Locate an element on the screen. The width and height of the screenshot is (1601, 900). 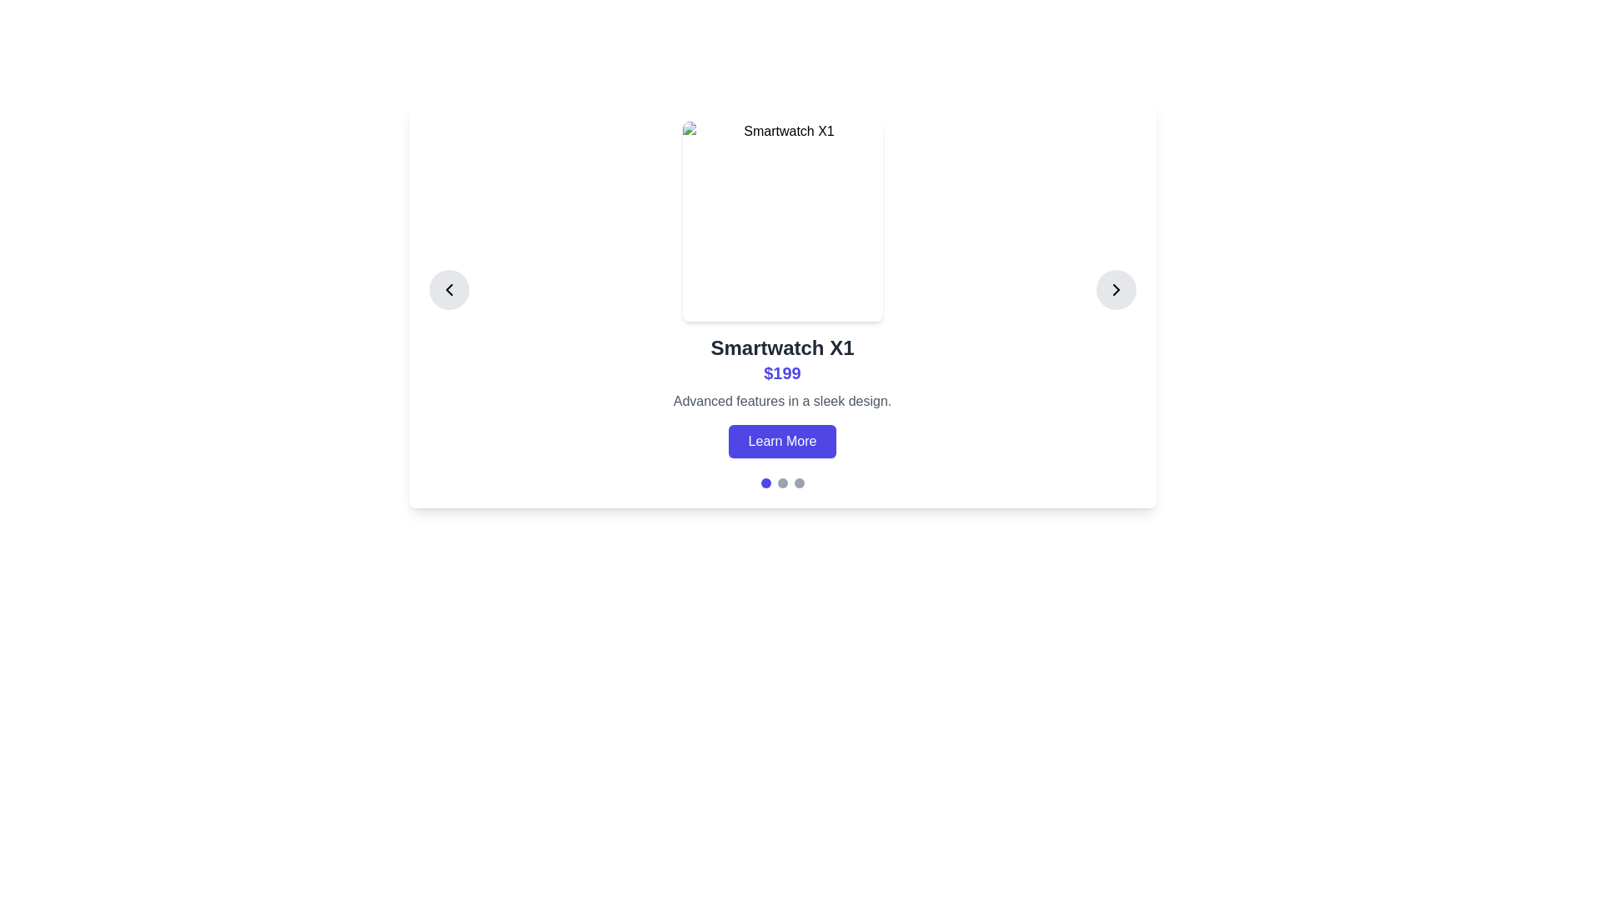
the circular button with a gray background and a black left-pointing chevron icon is located at coordinates (449, 288).